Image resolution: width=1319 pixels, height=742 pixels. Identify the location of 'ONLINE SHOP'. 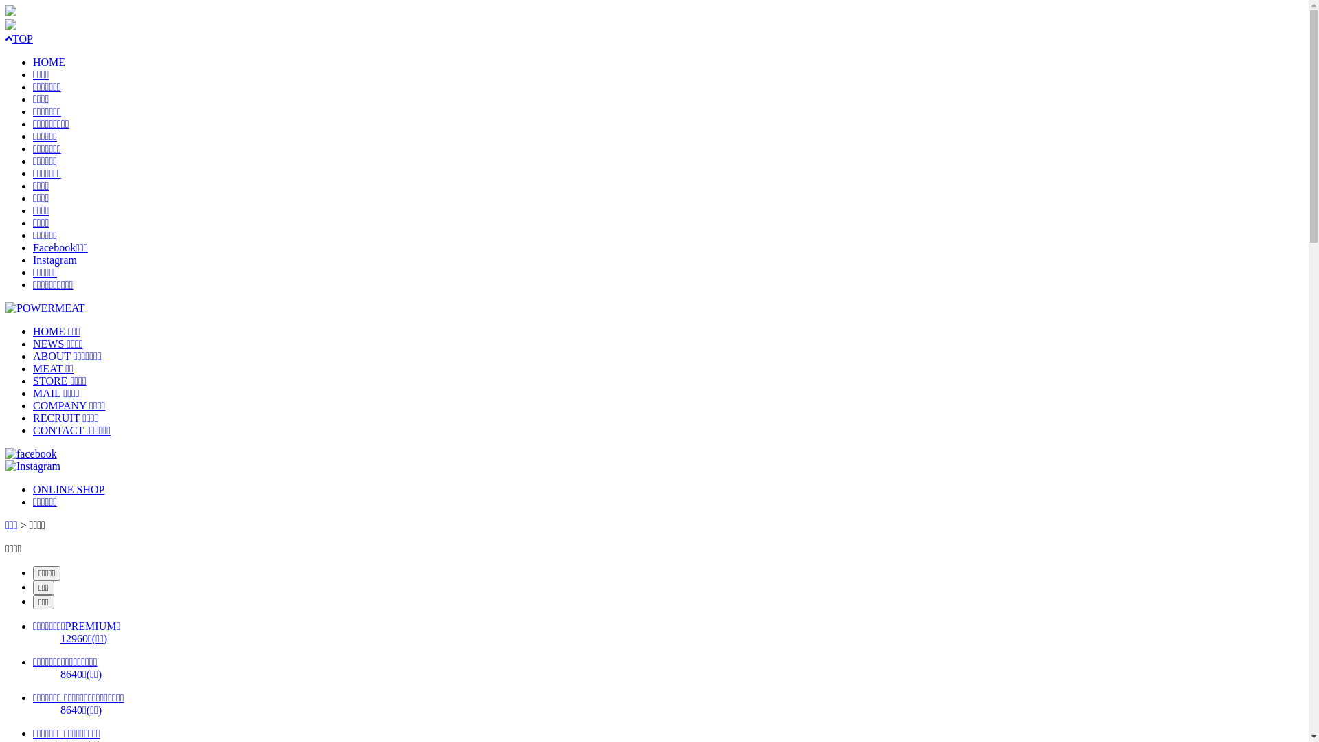
(68, 488).